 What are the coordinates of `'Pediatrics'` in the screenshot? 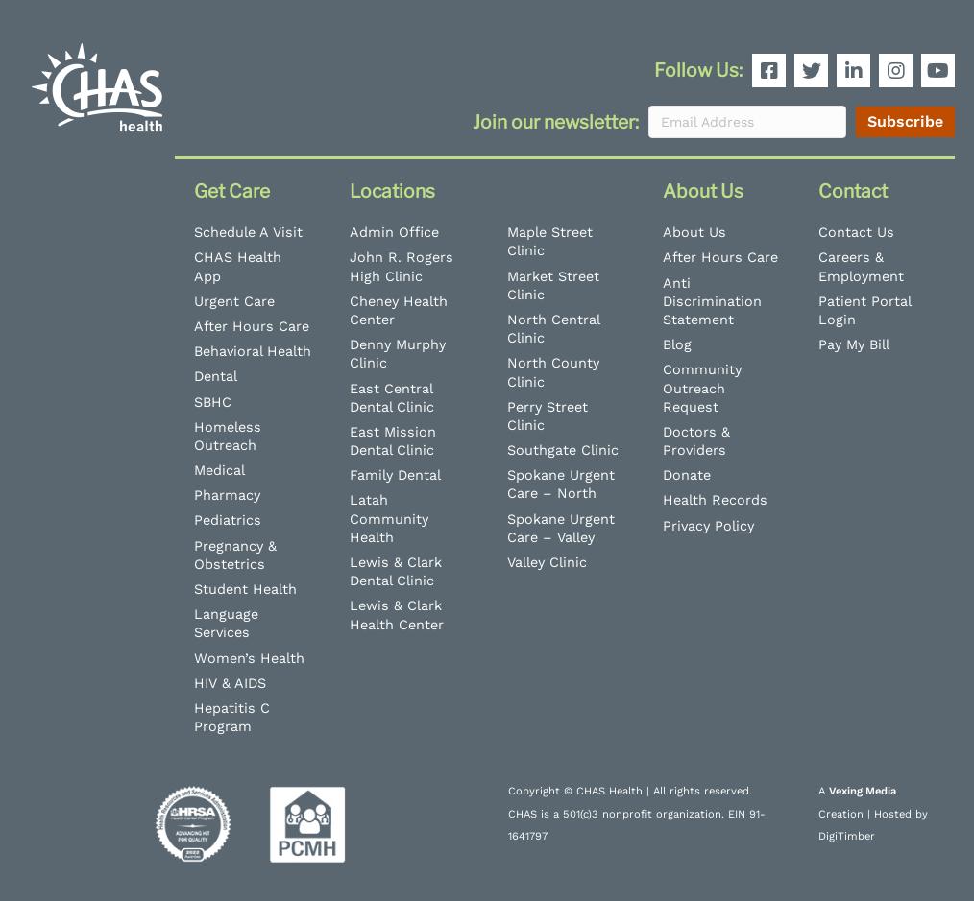 It's located at (226, 519).